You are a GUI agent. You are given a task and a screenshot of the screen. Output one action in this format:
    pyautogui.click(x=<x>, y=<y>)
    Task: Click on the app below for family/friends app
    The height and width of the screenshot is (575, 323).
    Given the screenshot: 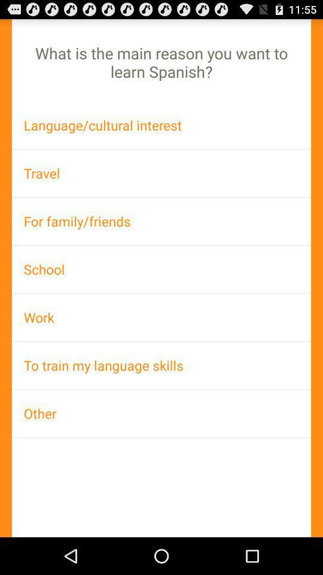 What is the action you would take?
    pyautogui.click(x=161, y=269)
    